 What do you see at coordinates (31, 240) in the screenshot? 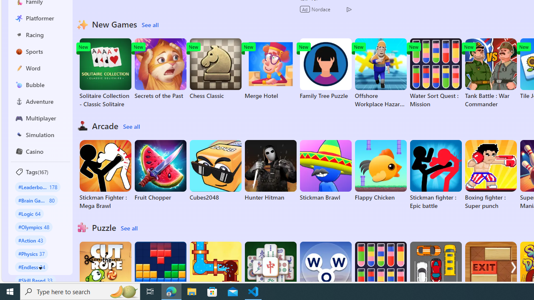
I see `'#Action 43'` at bounding box center [31, 240].